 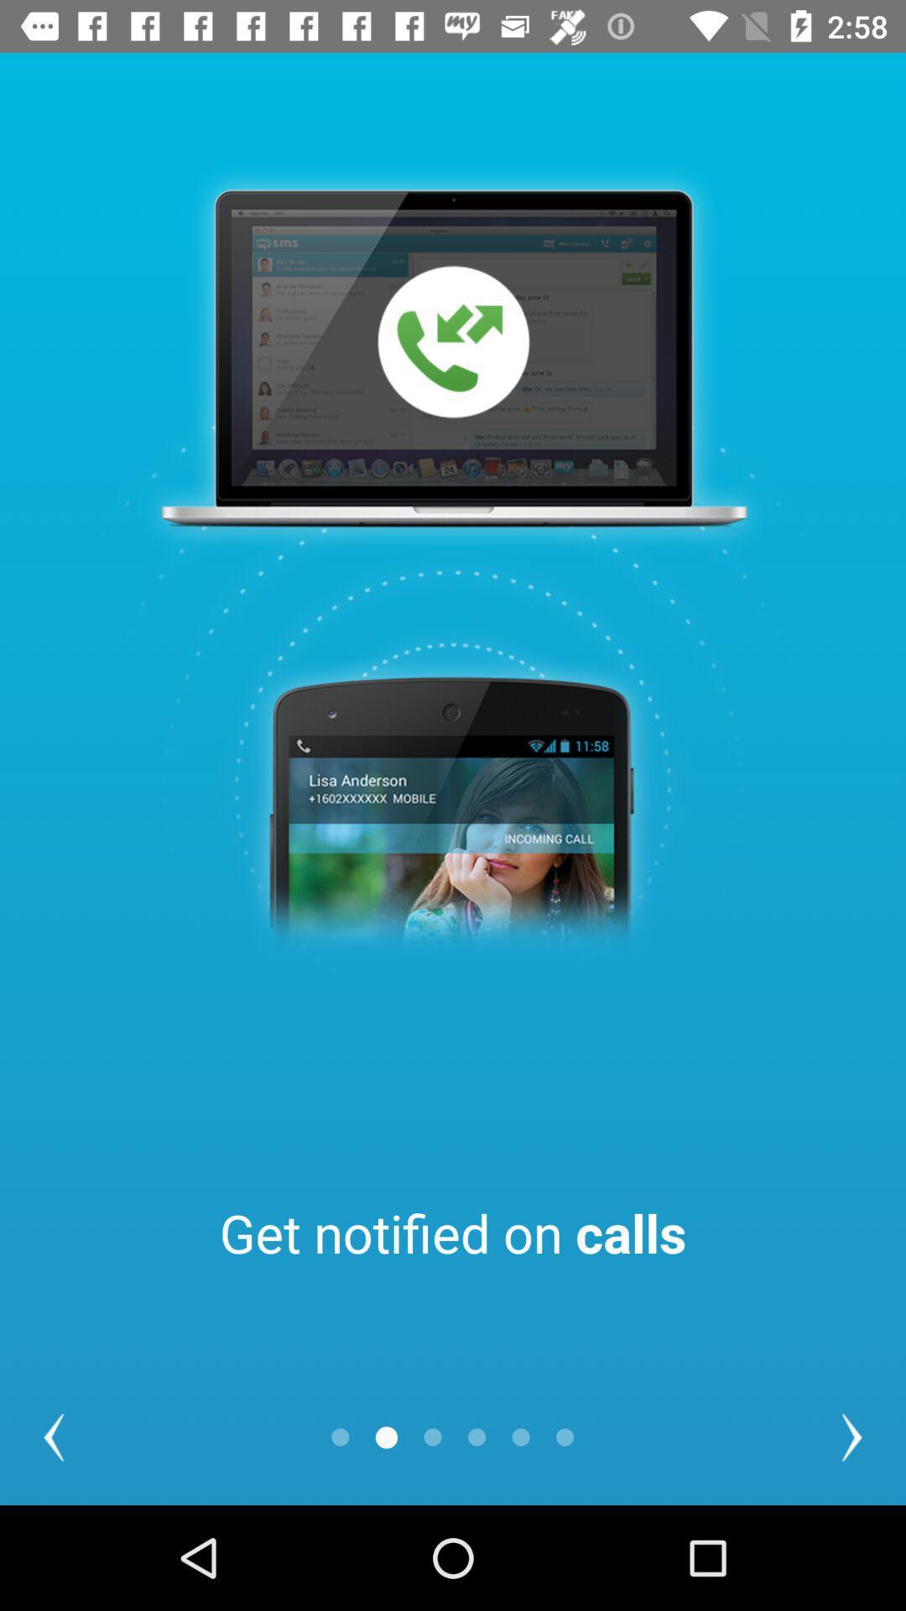 I want to click on the item at the bottom left corner, so click(x=53, y=1436).